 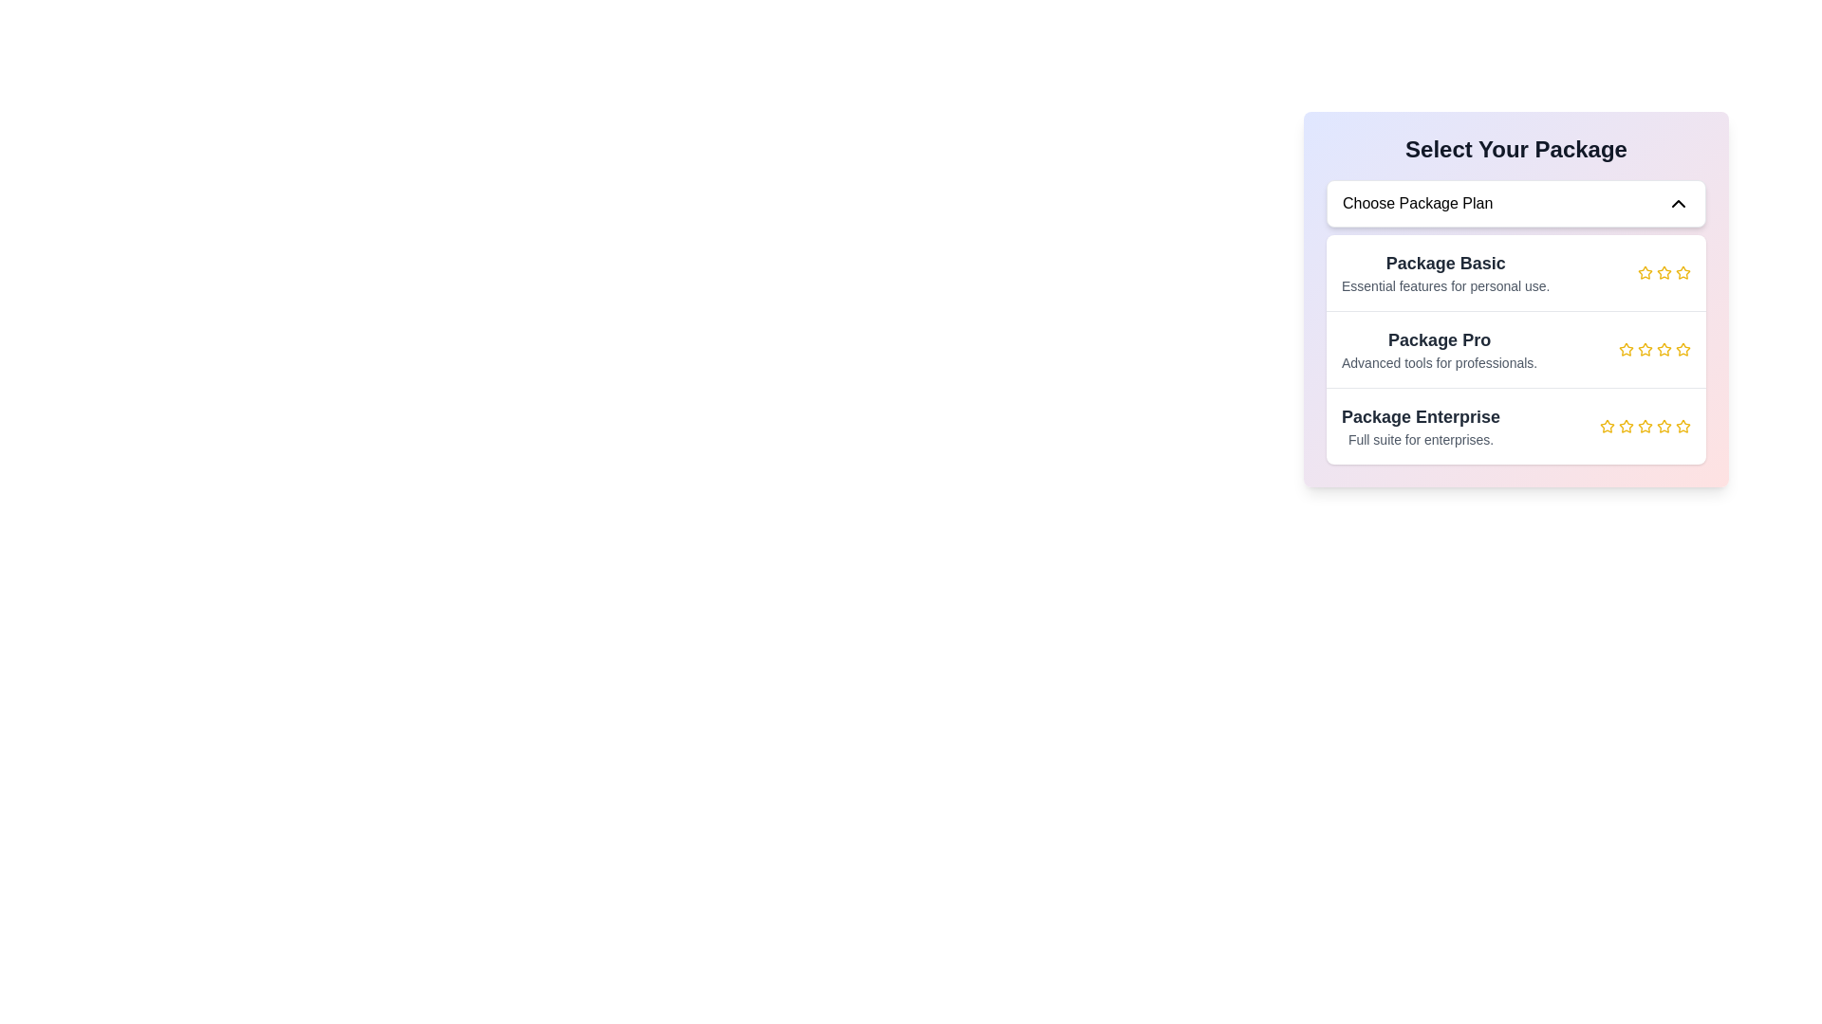 What do you see at coordinates (1644, 272) in the screenshot?
I see `the first star` at bounding box center [1644, 272].